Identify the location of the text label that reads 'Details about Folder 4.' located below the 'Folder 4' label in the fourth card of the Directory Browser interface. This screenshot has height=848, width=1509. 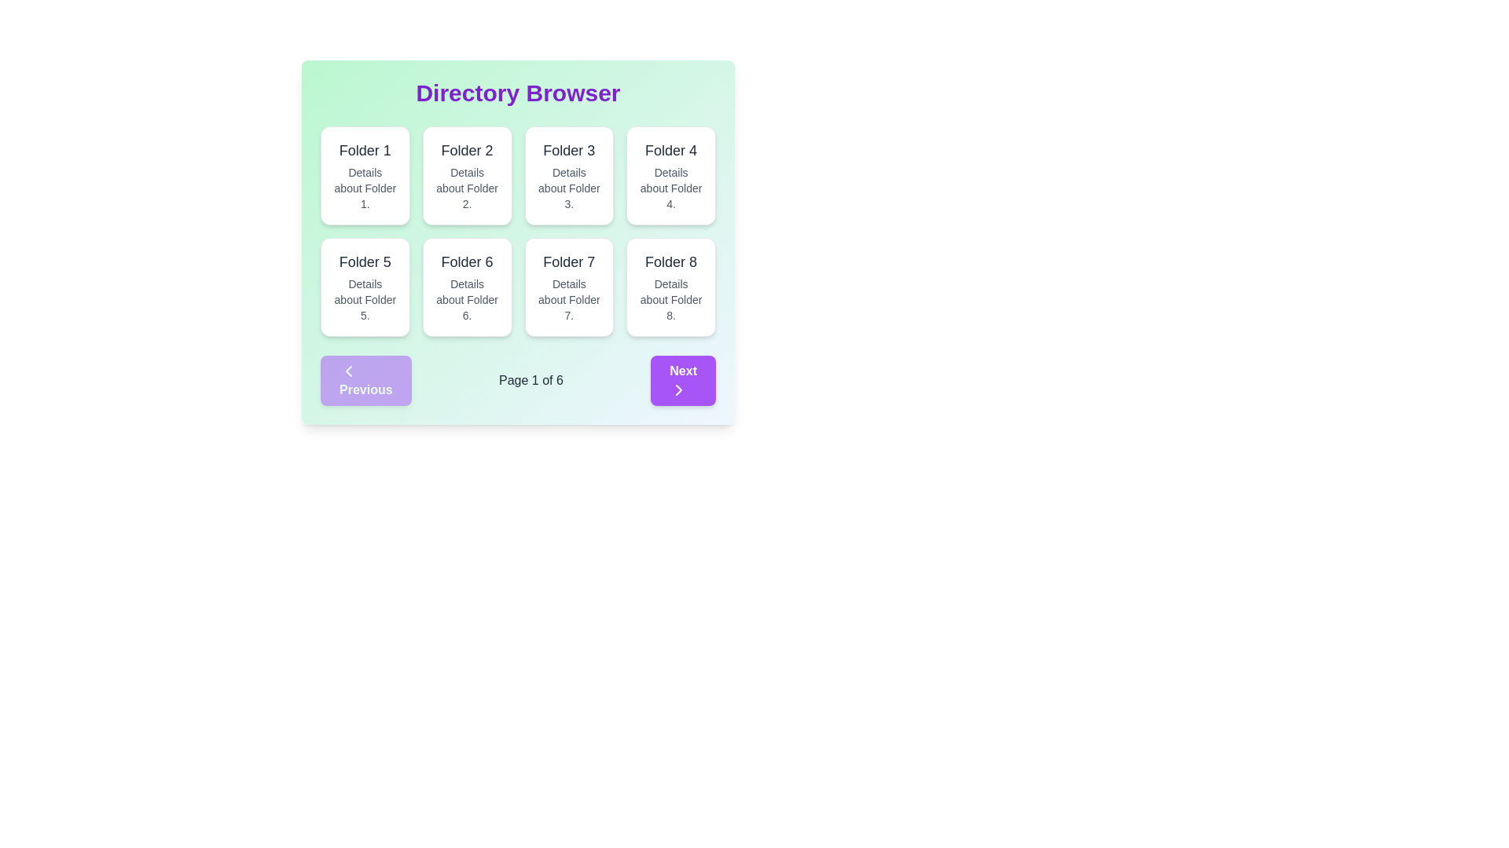
(671, 187).